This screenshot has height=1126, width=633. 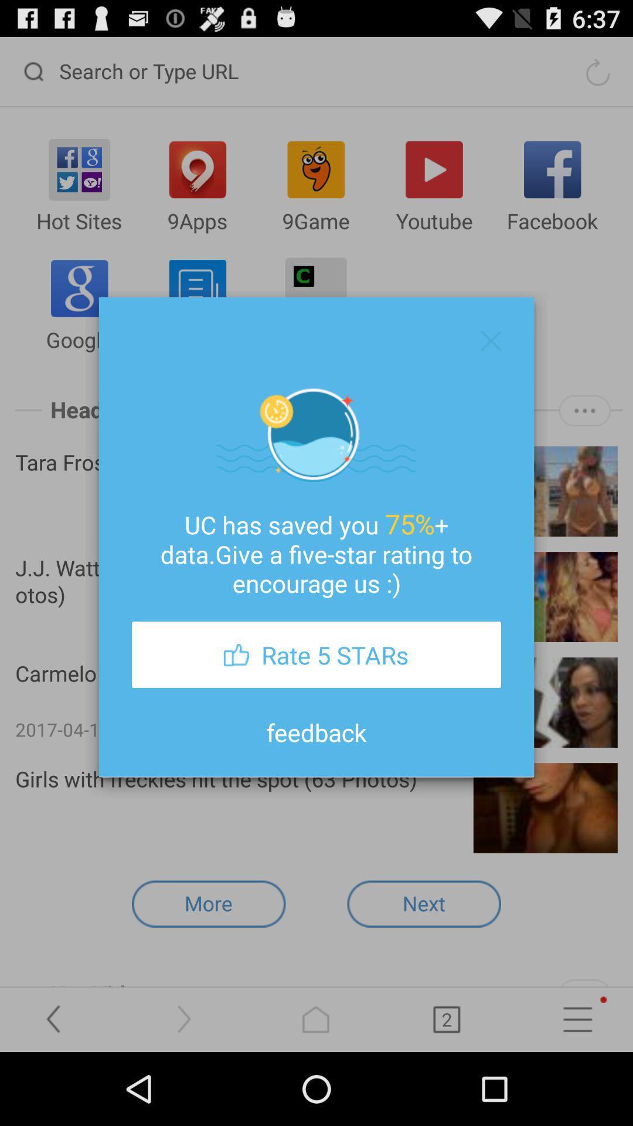 I want to click on the close icon, so click(x=491, y=364).